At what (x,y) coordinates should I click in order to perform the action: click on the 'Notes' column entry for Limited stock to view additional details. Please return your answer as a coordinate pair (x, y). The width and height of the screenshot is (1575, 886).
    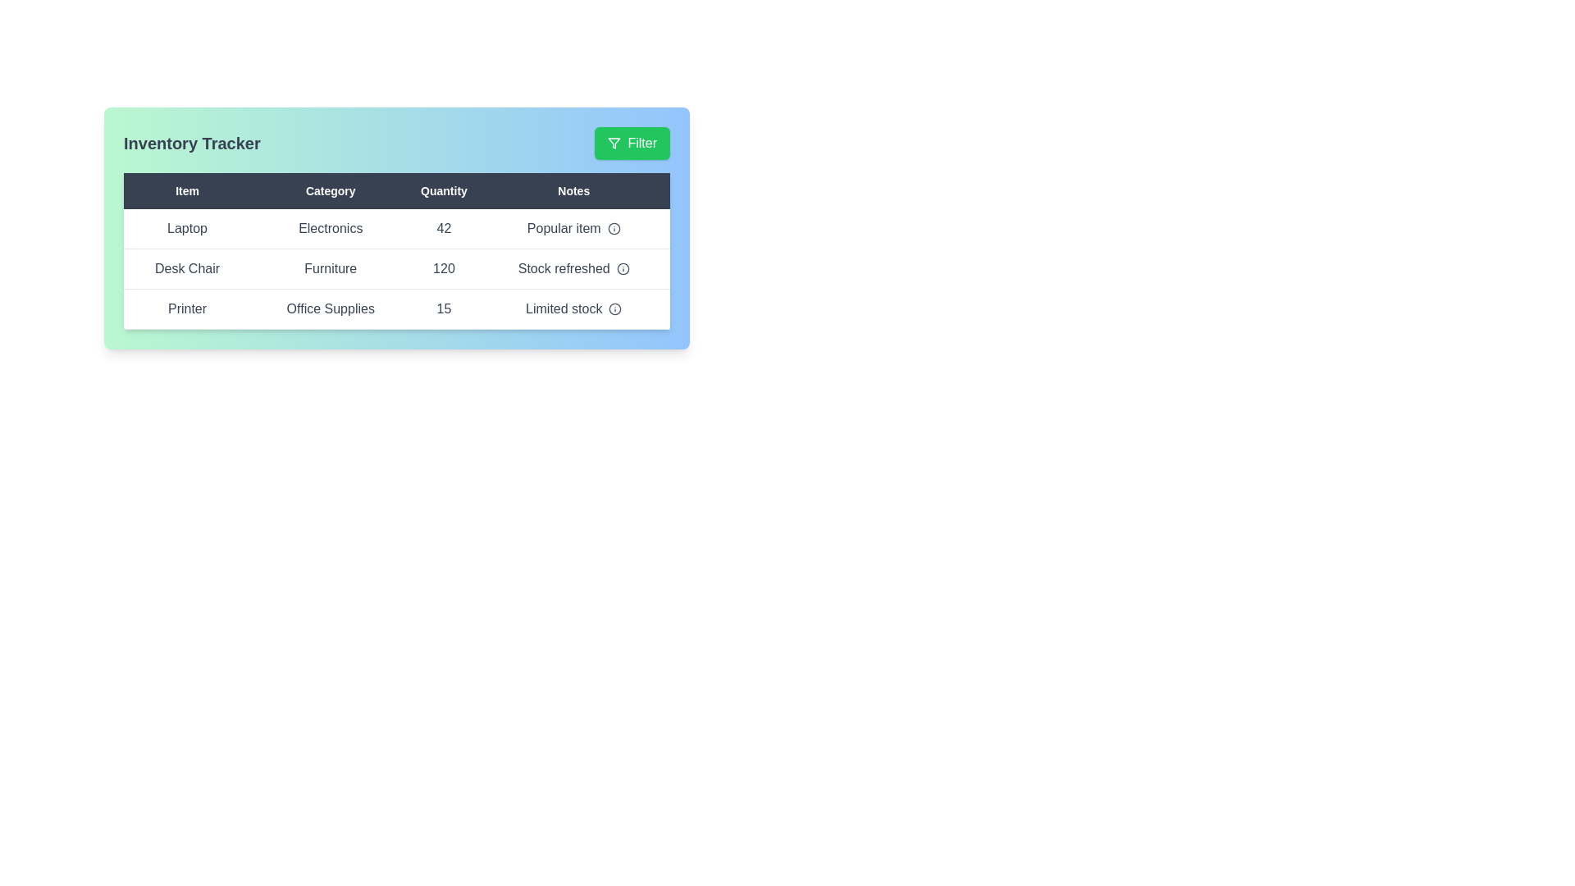
    Looking at the image, I should click on (573, 309).